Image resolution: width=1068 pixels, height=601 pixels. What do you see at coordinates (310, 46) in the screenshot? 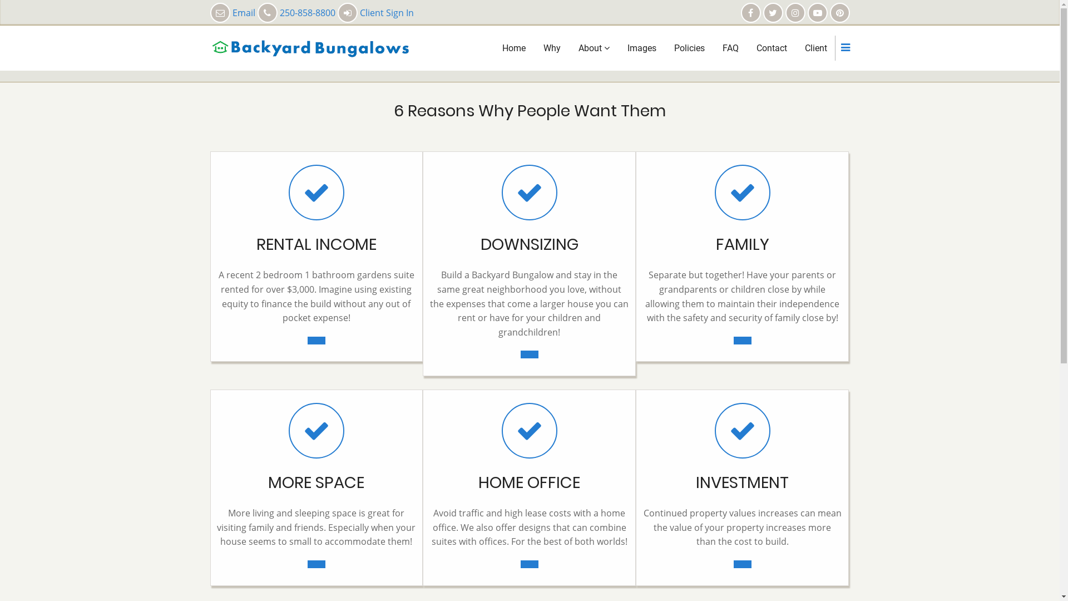
I see `'Home'` at bounding box center [310, 46].